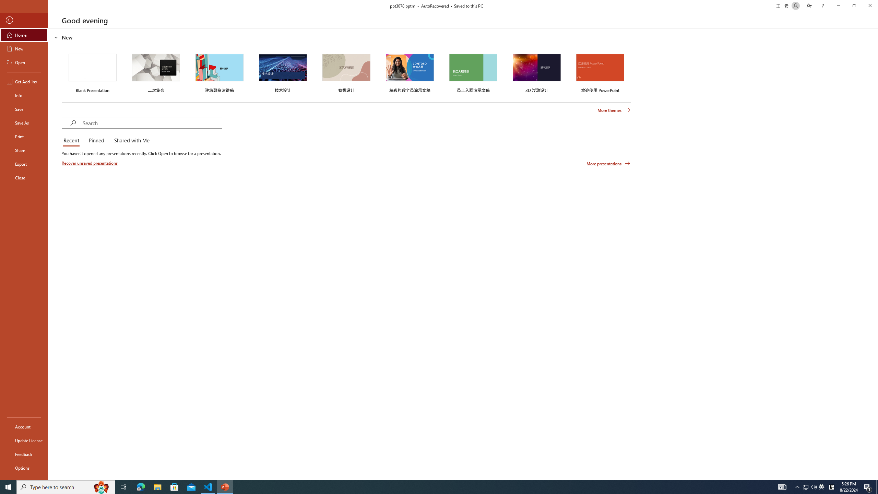 The width and height of the screenshot is (878, 494). What do you see at coordinates (24, 468) in the screenshot?
I see `'Options'` at bounding box center [24, 468].